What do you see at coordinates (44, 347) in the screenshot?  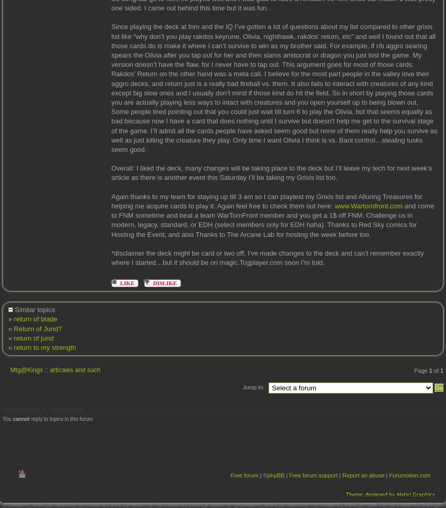 I see `'return to my strength'` at bounding box center [44, 347].